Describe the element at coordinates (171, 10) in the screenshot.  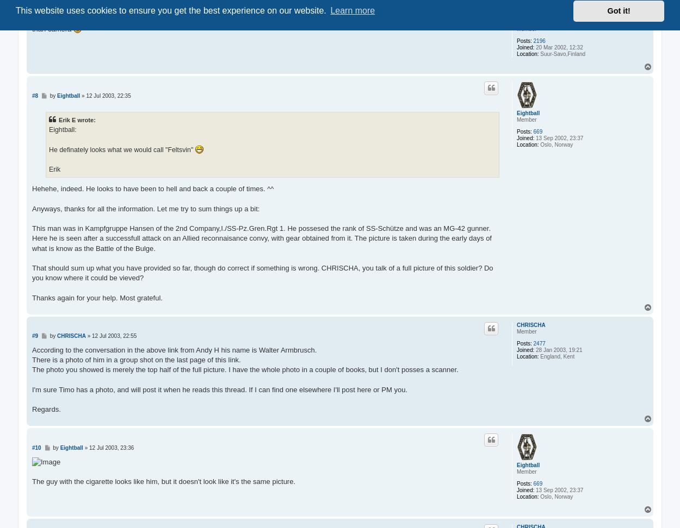
I see `'This website uses cookies to ensure you get the best experience on our website.'` at that location.